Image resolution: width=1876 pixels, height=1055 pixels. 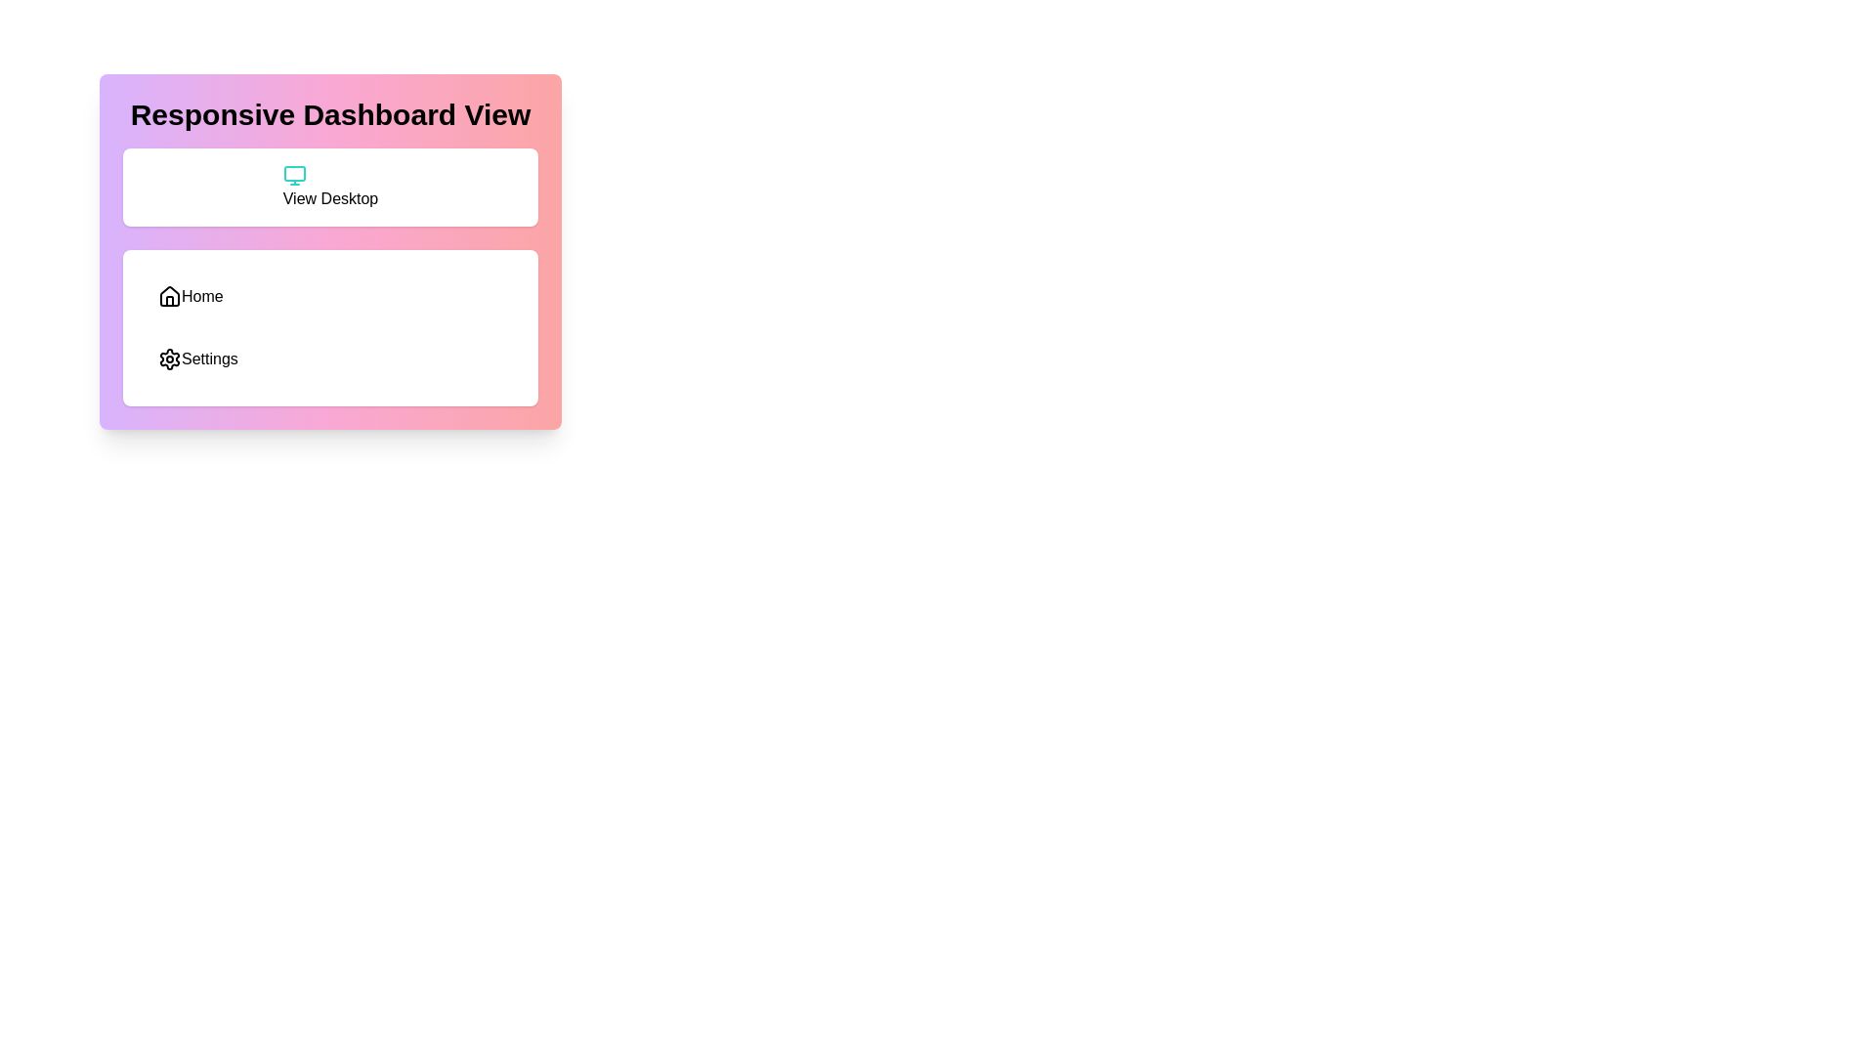 I want to click on the 'View Desktop' text label located below the monitor icon and above the 'Home' and 'Settings' buttons, so click(x=330, y=199).